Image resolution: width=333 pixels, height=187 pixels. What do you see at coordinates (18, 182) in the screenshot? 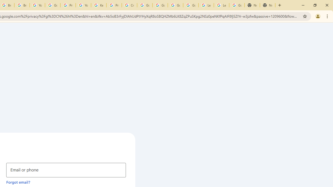
I see `'Forgot email?'` at bounding box center [18, 182].